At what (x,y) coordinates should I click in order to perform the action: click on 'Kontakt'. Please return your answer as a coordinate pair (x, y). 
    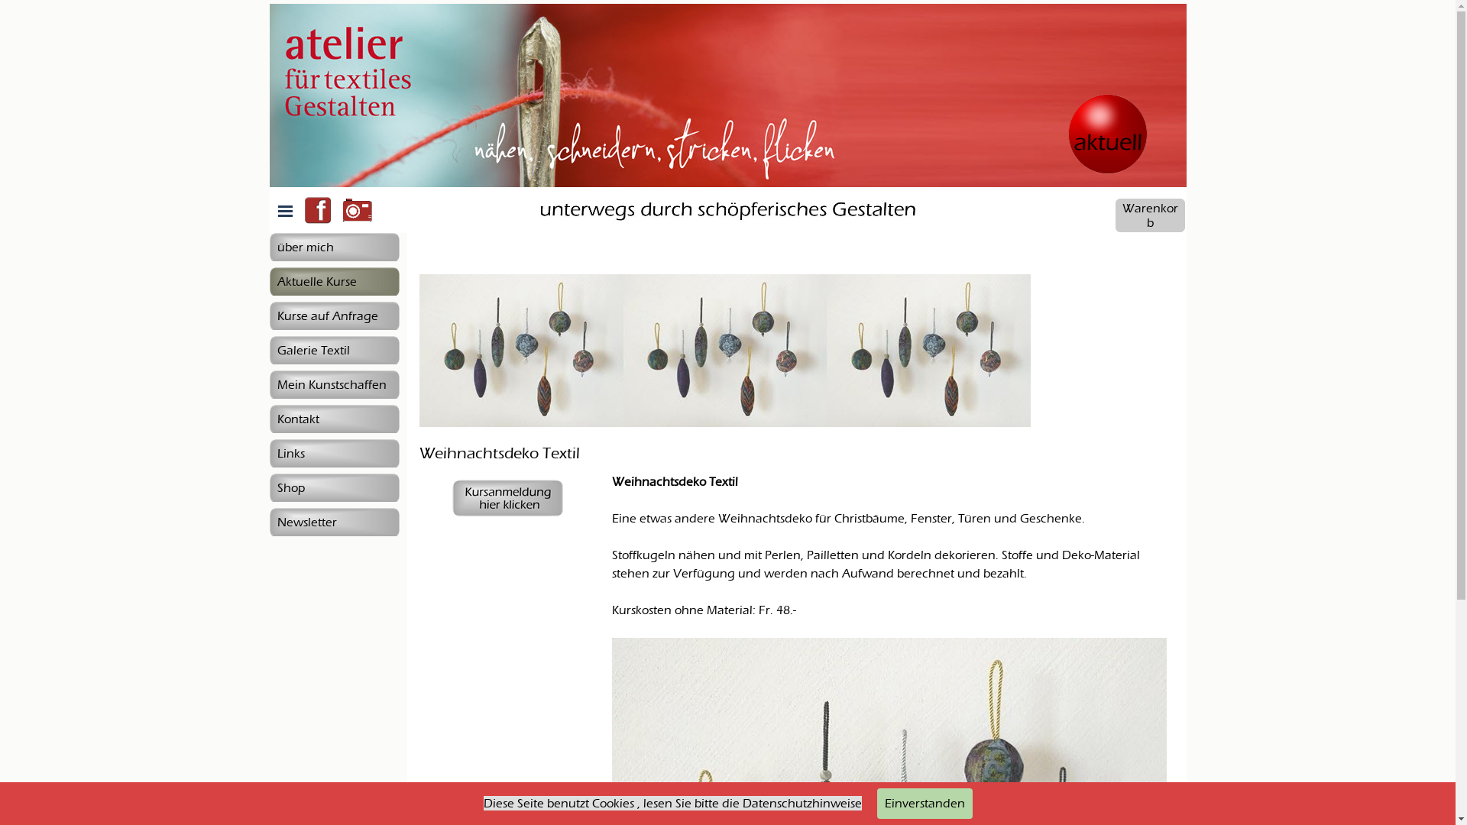
    Looking at the image, I should click on (332, 419).